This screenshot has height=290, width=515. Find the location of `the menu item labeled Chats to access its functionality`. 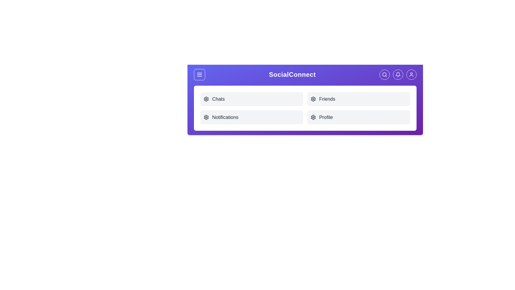

the menu item labeled Chats to access its functionality is located at coordinates (251, 99).